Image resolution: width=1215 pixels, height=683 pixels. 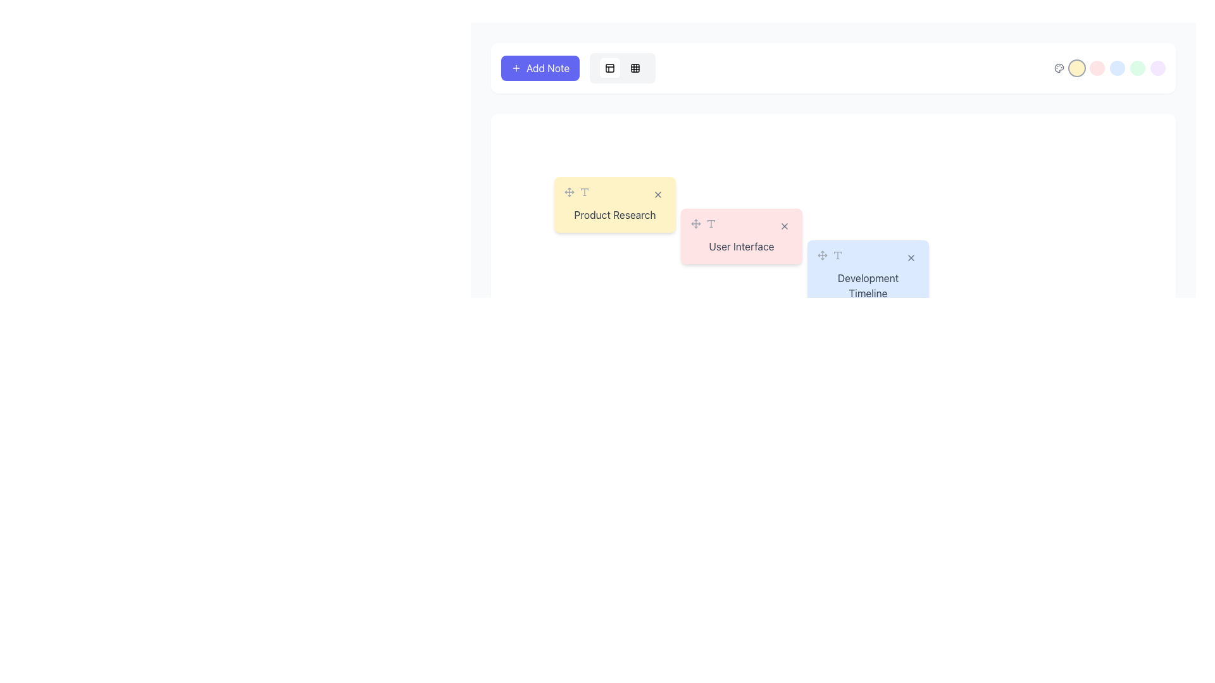 I want to click on the colorful circles in the toolbar located at the top middle section of the interface, so click(x=833, y=68).